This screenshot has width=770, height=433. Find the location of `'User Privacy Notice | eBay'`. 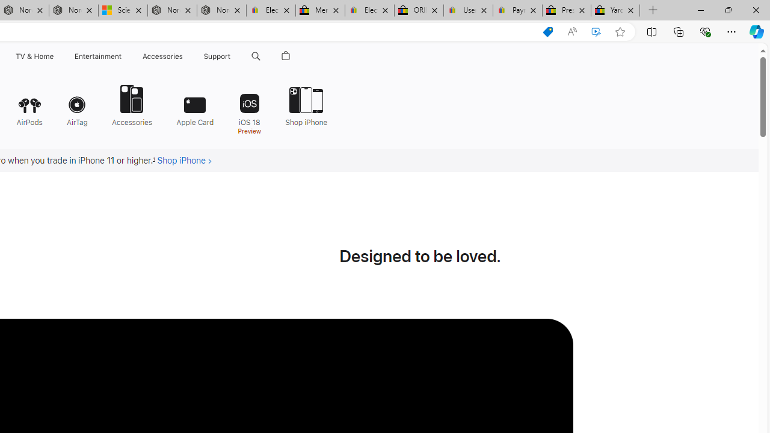

'User Privacy Notice | eBay' is located at coordinates (467, 10).